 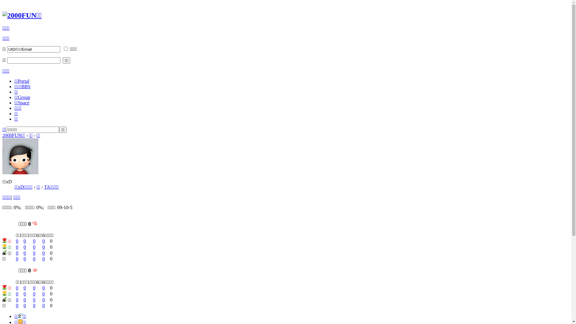 What do you see at coordinates (17, 241) in the screenshot?
I see `'0'` at bounding box center [17, 241].